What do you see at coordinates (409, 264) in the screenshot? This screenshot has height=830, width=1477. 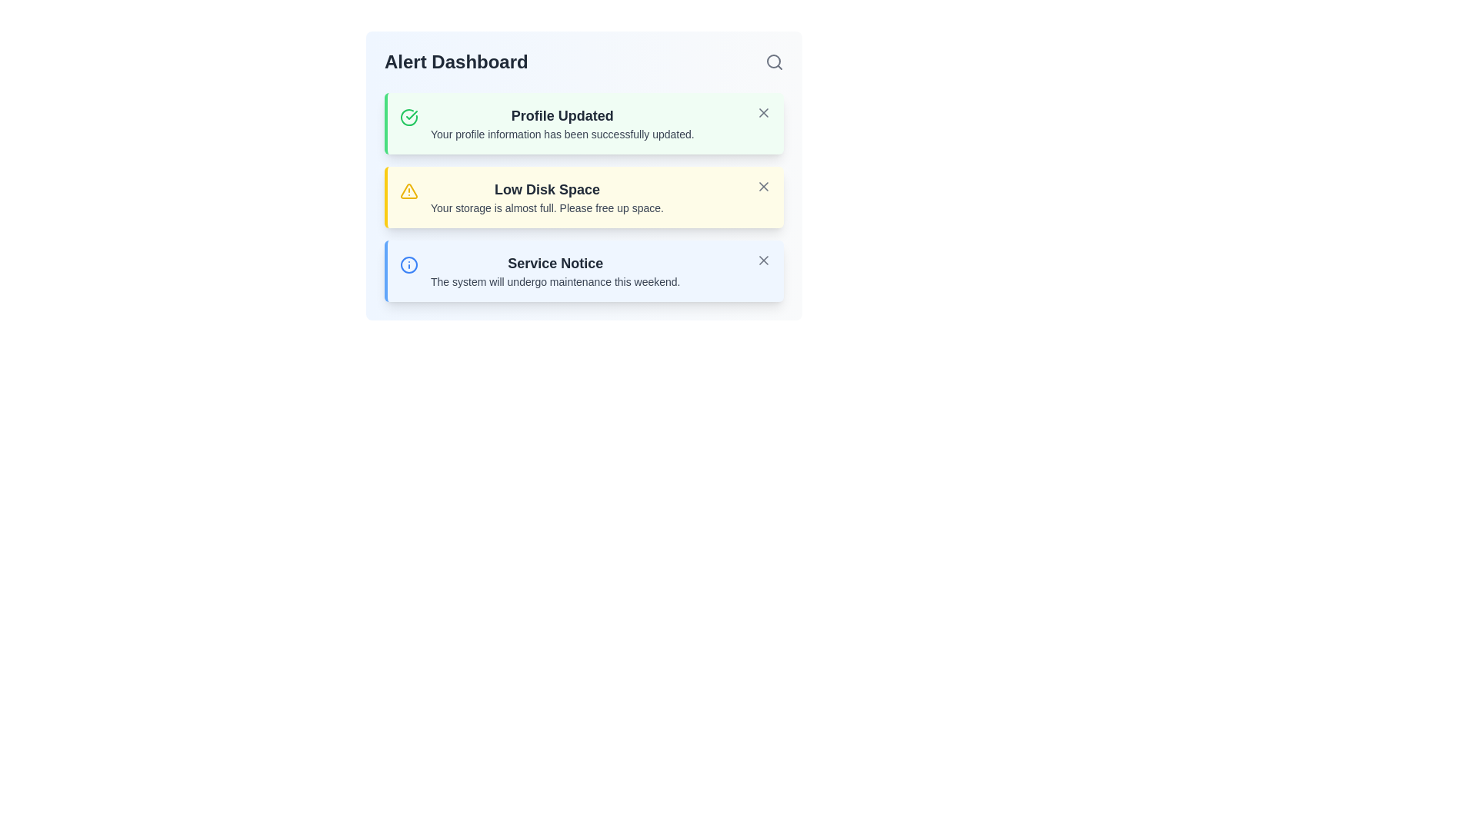 I see `the SVG circle element that serves as a visual component of the informational icon in the 'Service Notice' alert in the Alert Dashboard interface` at bounding box center [409, 264].